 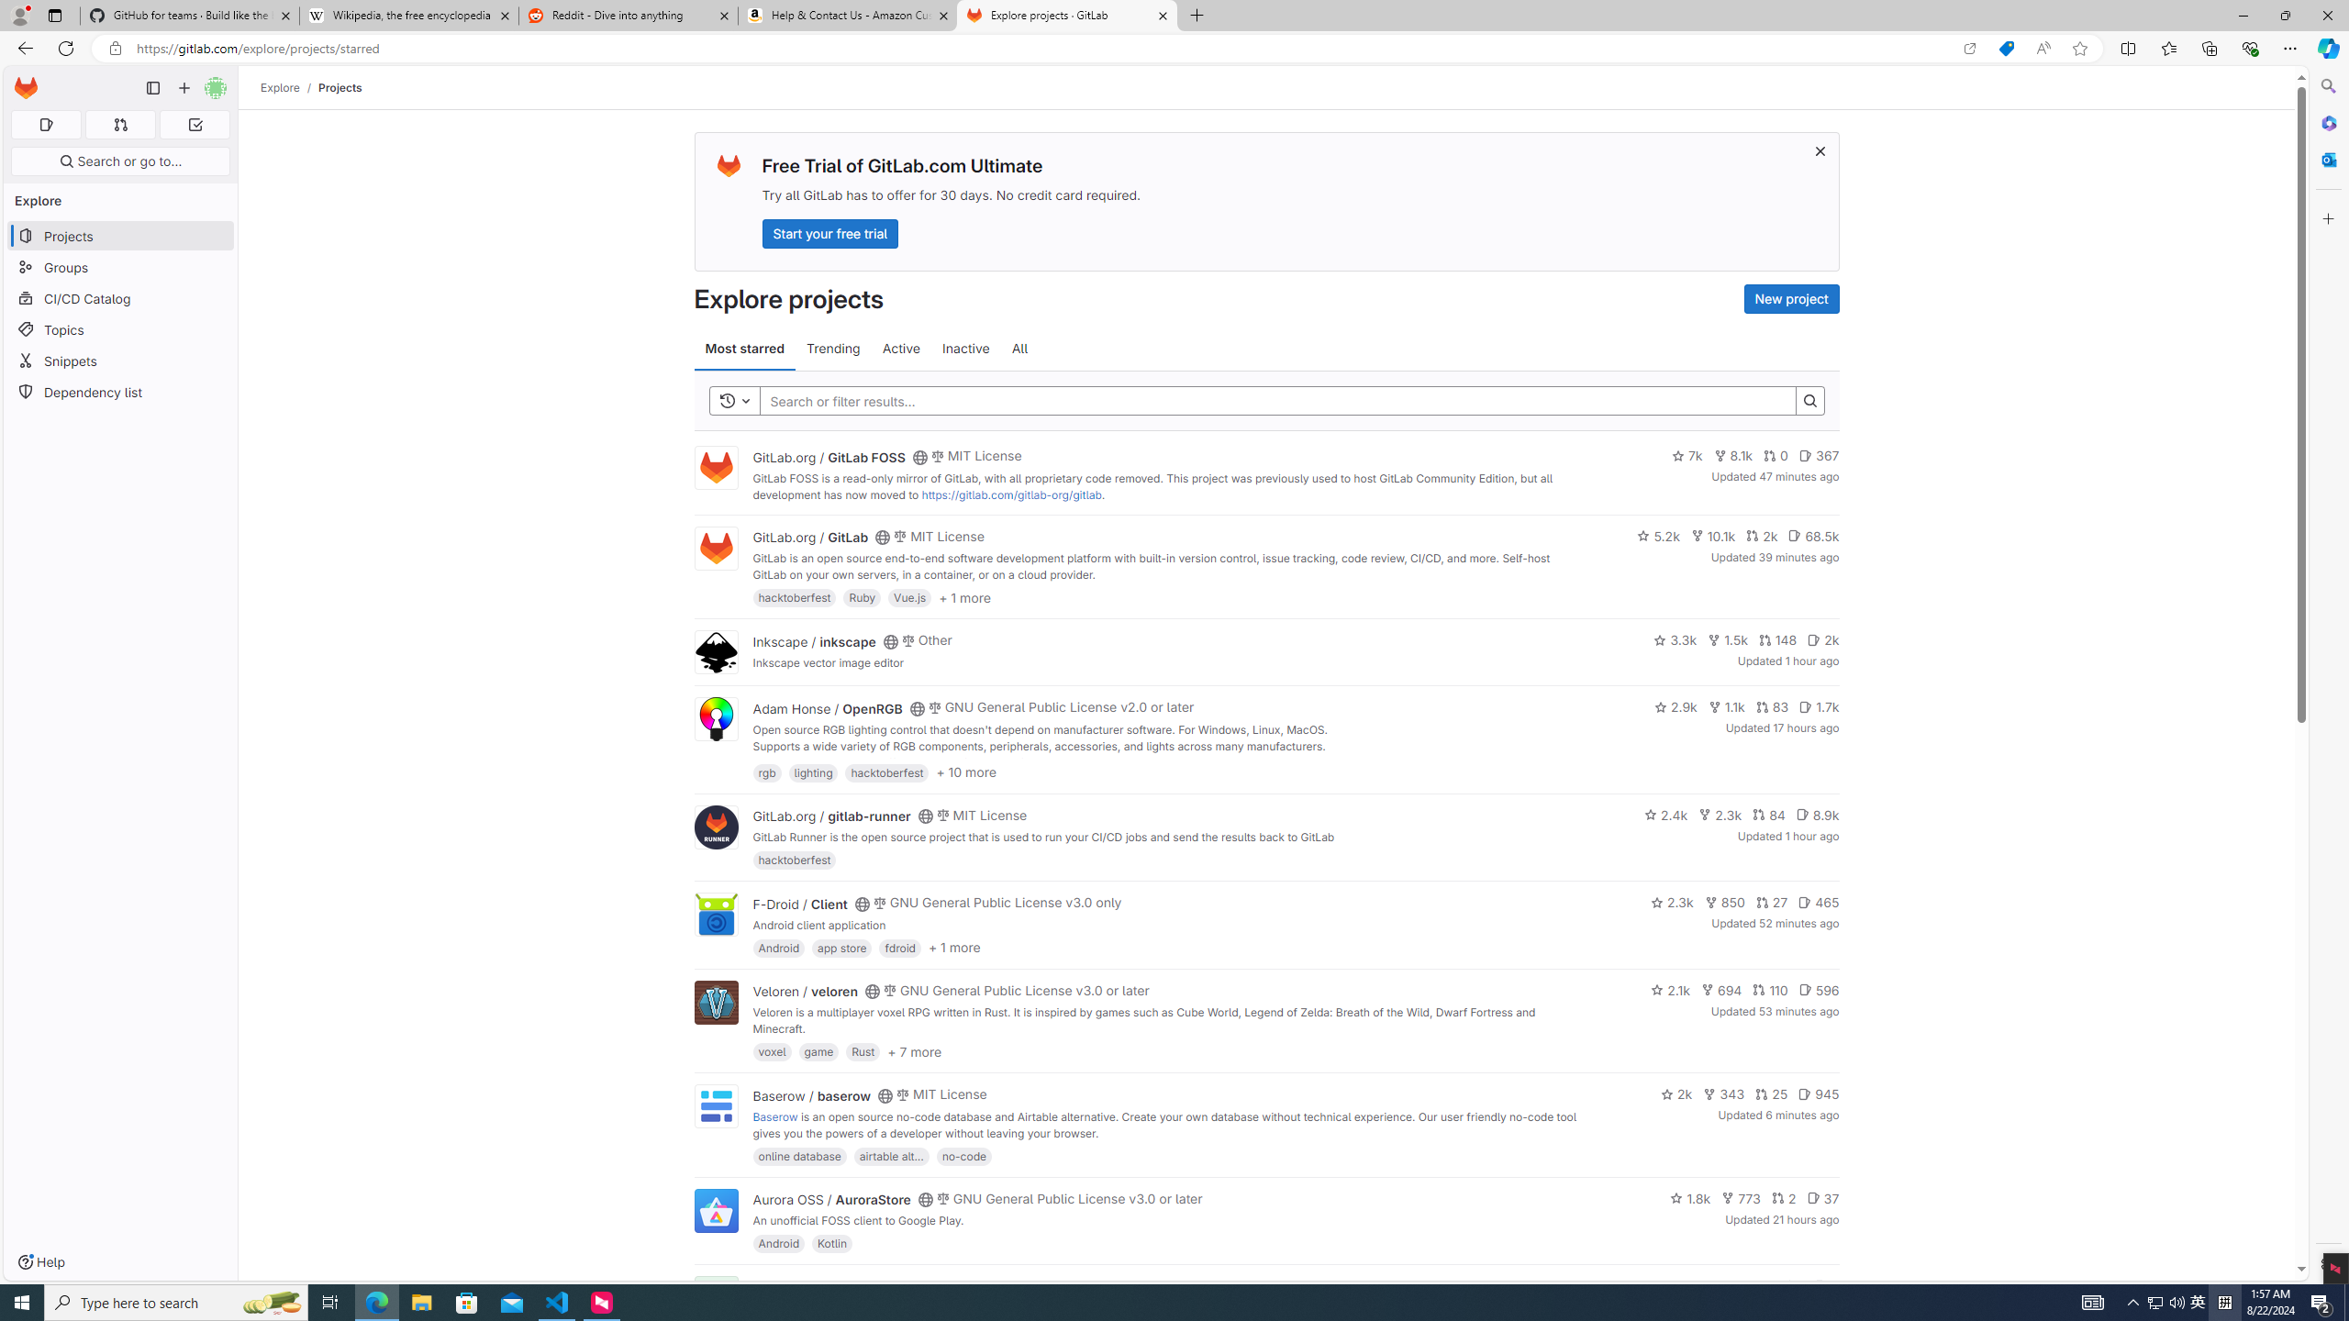 What do you see at coordinates (1687, 456) in the screenshot?
I see `'7k'` at bounding box center [1687, 456].